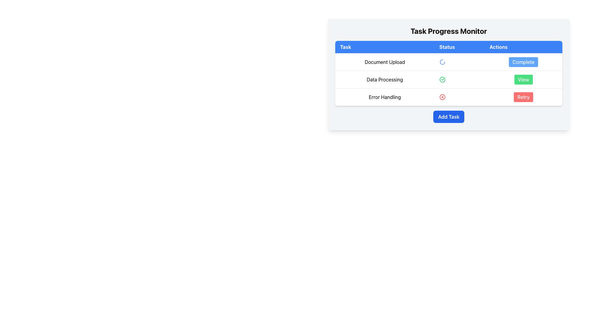  What do you see at coordinates (384, 62) in the screenshot?
I see `the 'Document Upload' text label, which is the first item in the 'Task' column of the table-like layout` at bounding box center [384, 62].